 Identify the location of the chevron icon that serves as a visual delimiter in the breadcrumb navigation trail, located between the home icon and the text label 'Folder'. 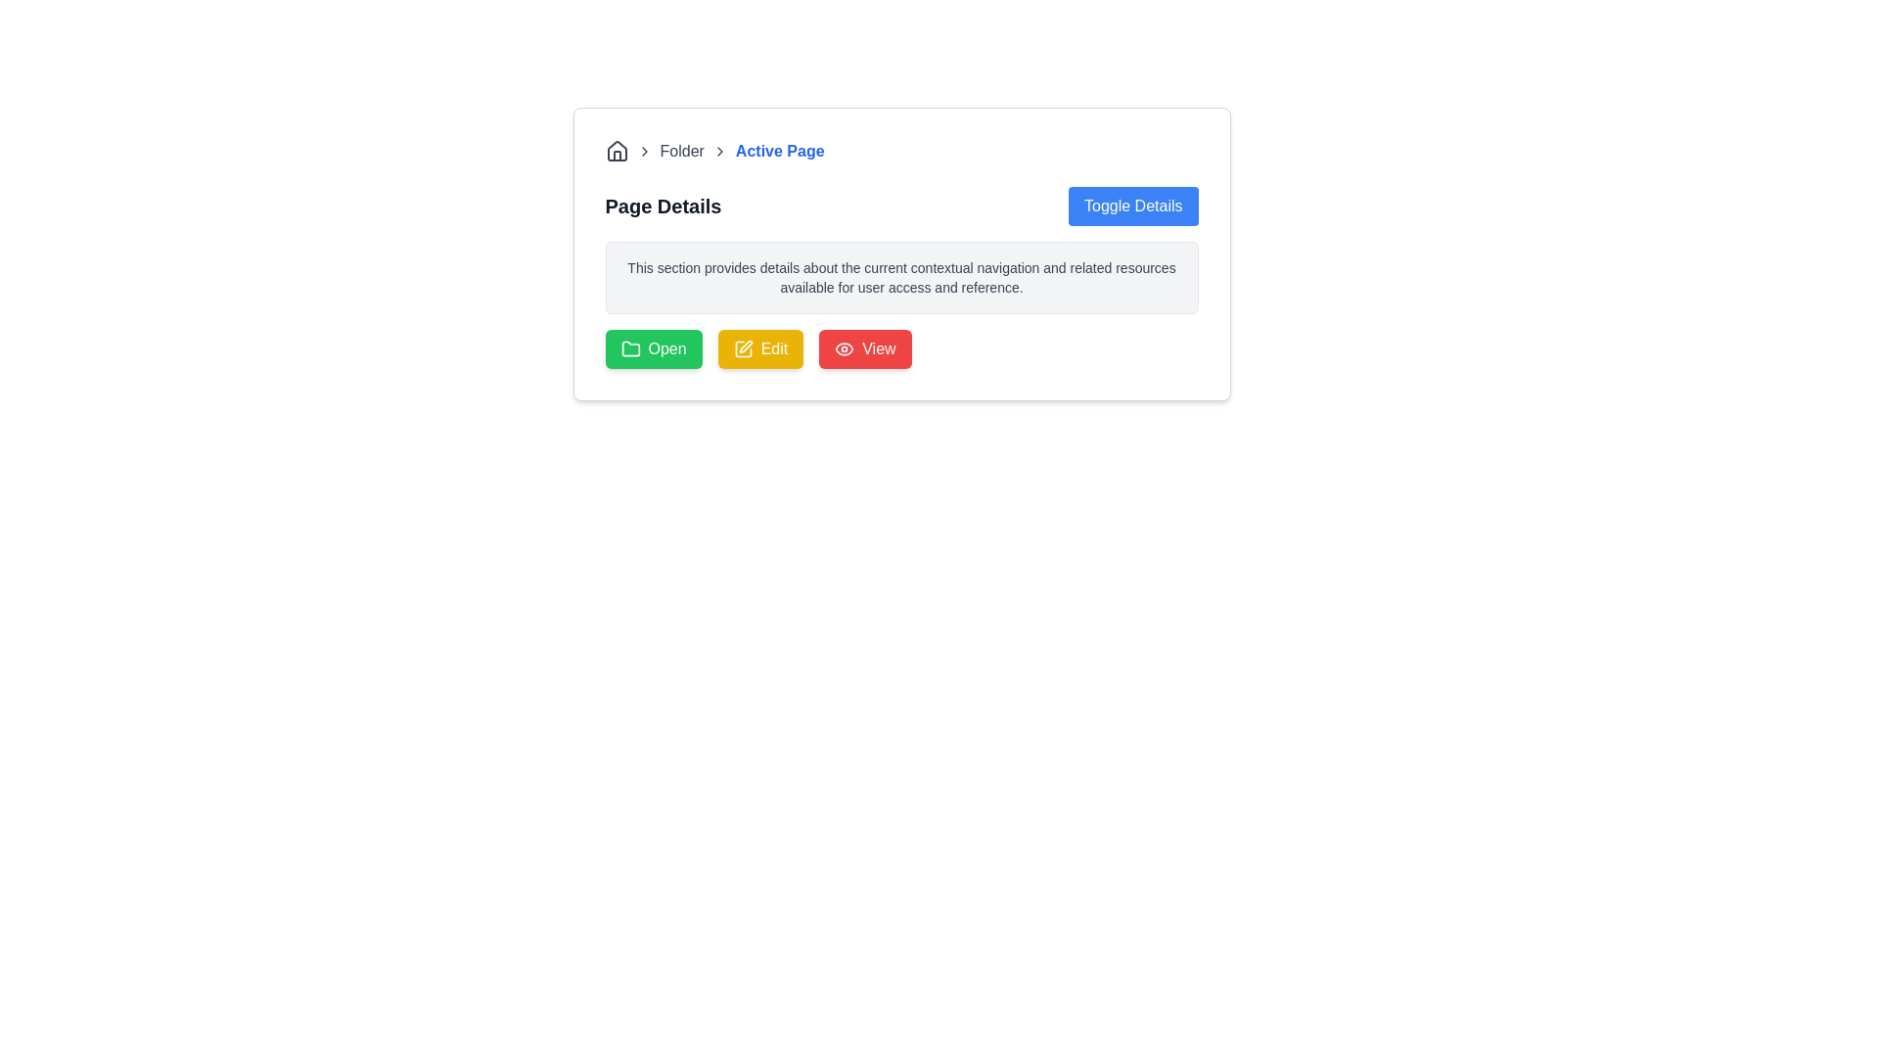
(644, 150).